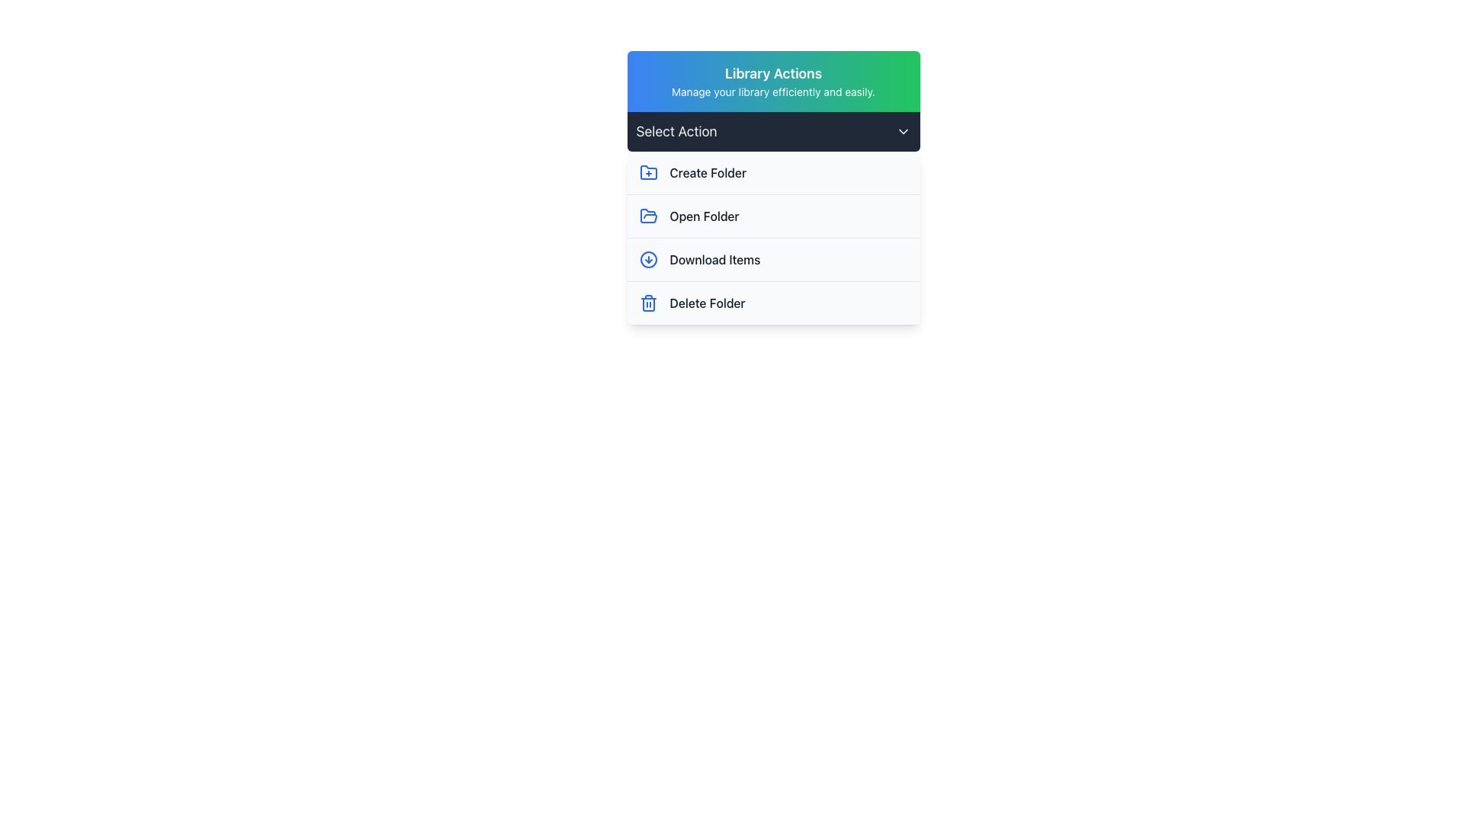  Describe the element at coordinates (648, 258) in the screenshot. I see `the blue circular icon with a downward arrow inside, which is part of the 'Download Items' menu option in the third row under 'Select Action'` at that location.